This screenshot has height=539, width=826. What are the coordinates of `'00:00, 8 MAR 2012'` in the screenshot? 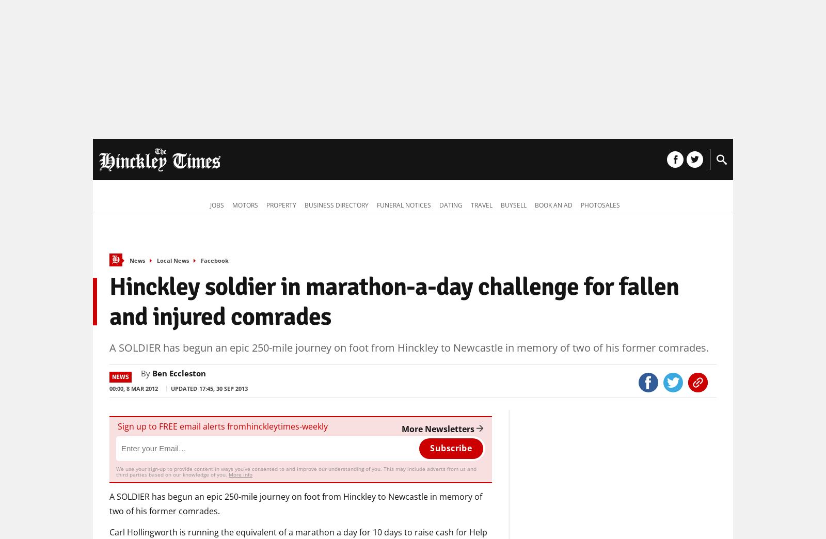 It's located at (109, 388).